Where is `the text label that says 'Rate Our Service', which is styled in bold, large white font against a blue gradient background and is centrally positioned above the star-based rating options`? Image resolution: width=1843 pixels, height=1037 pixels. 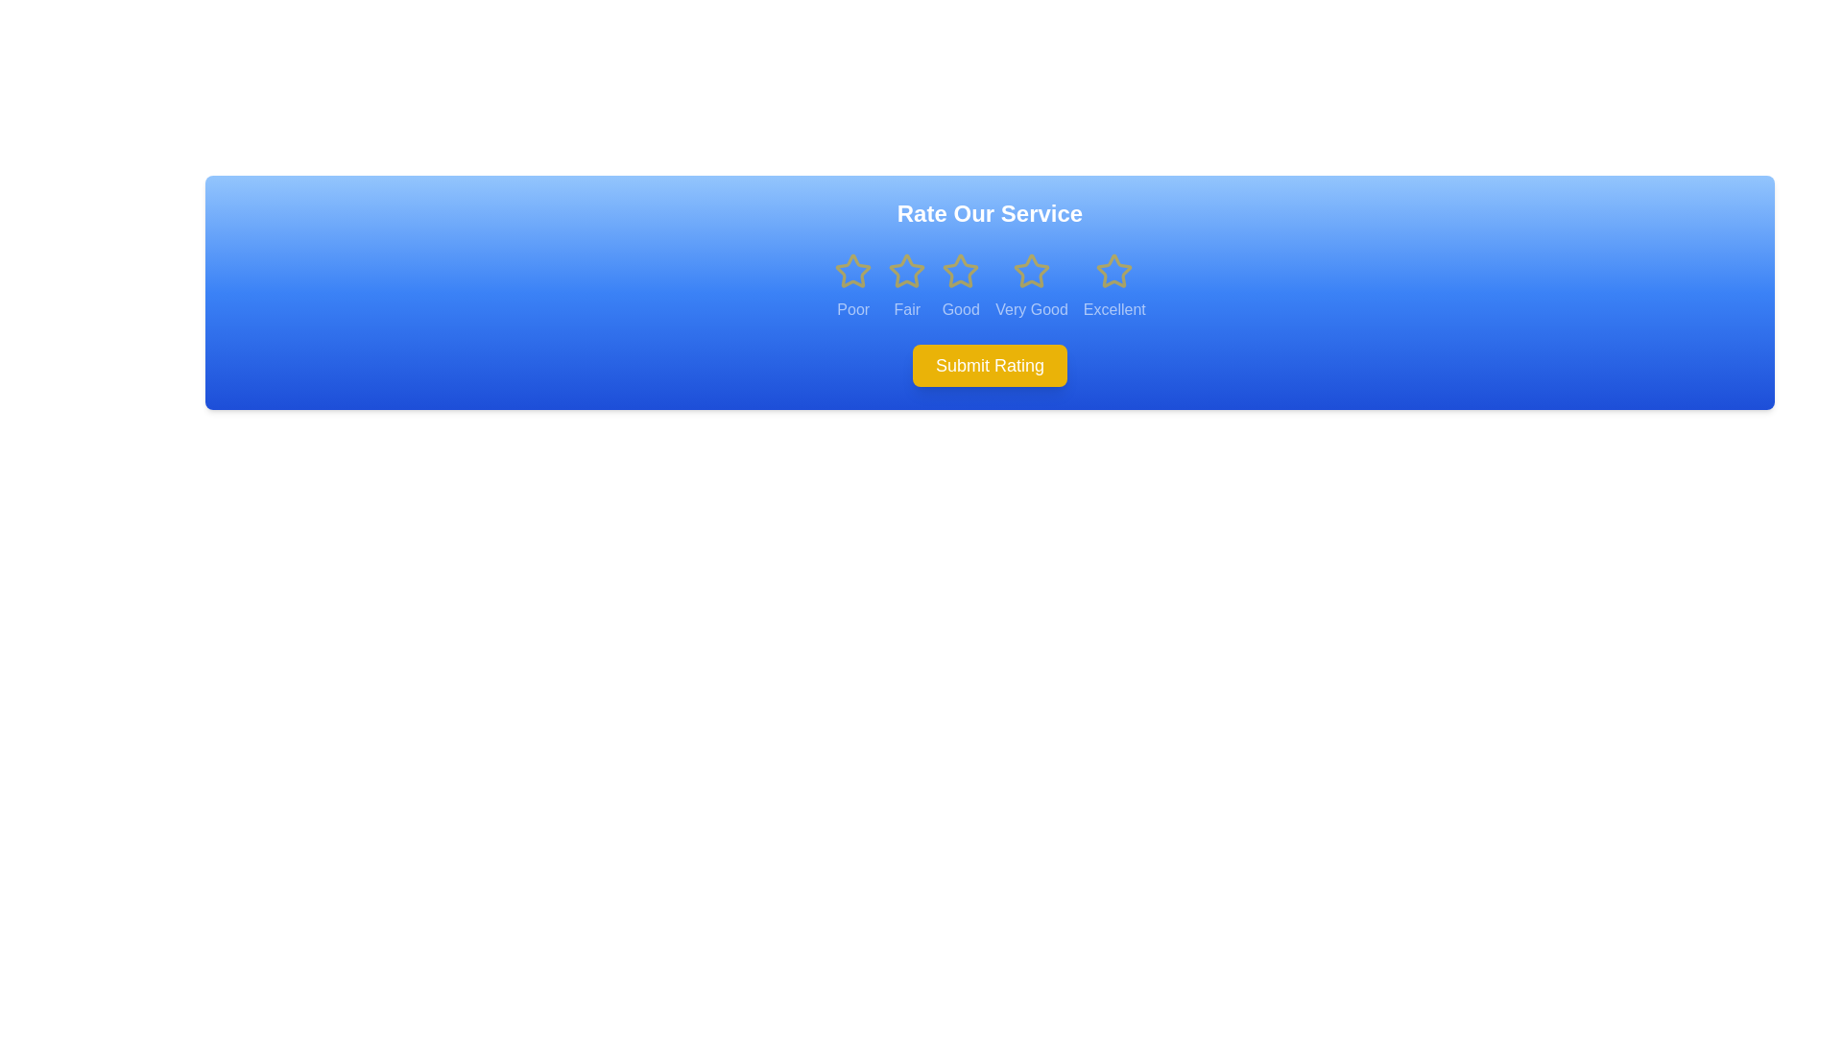 the text label that says 'Rate Our Service', which is styled in bold, large white font against a blue gradient background and is centrally positioned above the star-based rating options is located at coordinates (990, 214).